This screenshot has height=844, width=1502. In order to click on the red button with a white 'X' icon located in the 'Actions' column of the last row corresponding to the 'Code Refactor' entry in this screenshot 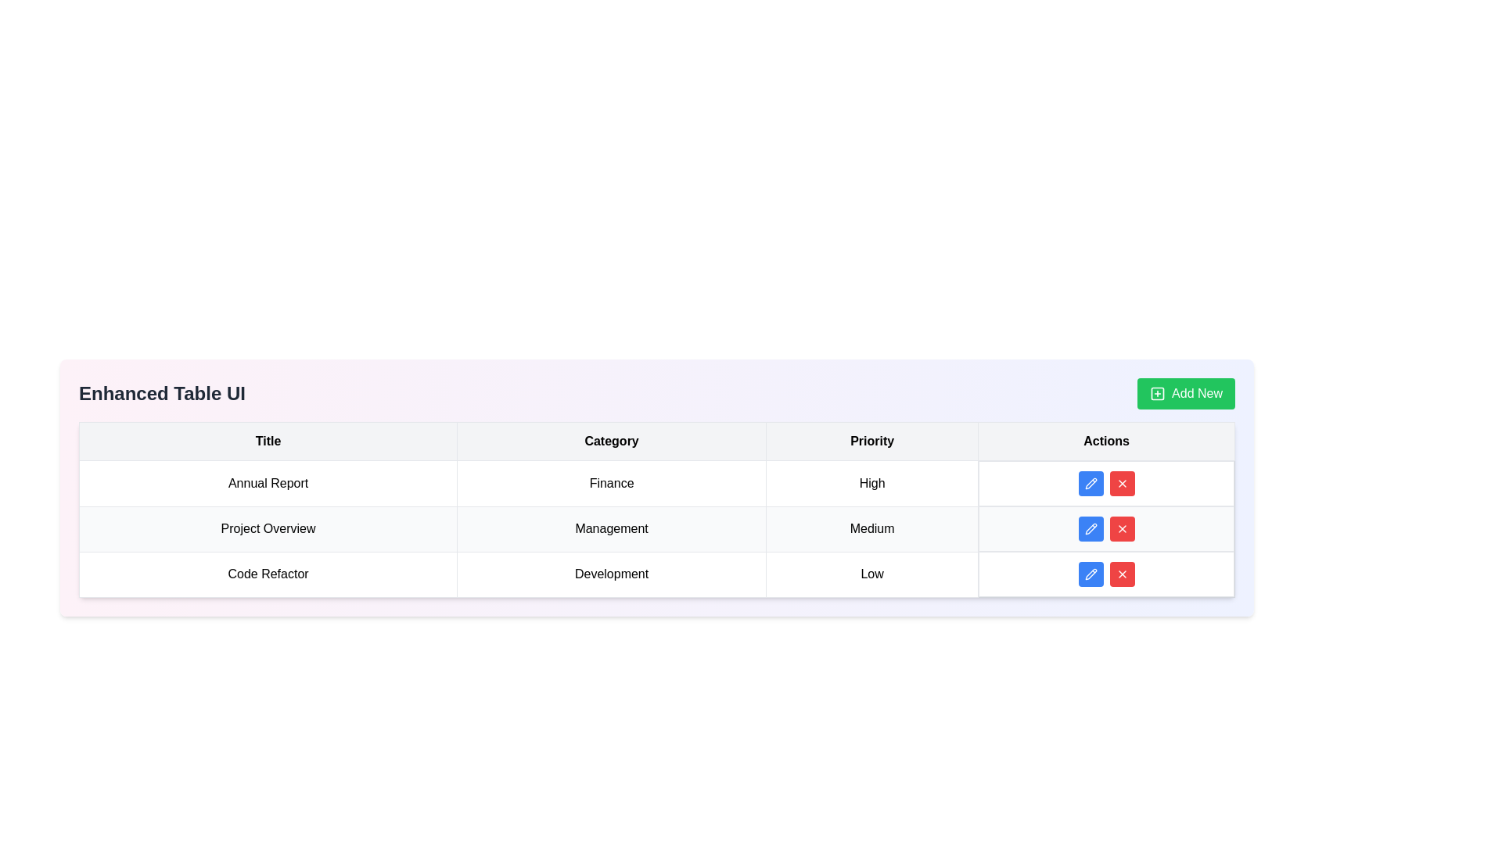, I will do `click(1121, 528)`.